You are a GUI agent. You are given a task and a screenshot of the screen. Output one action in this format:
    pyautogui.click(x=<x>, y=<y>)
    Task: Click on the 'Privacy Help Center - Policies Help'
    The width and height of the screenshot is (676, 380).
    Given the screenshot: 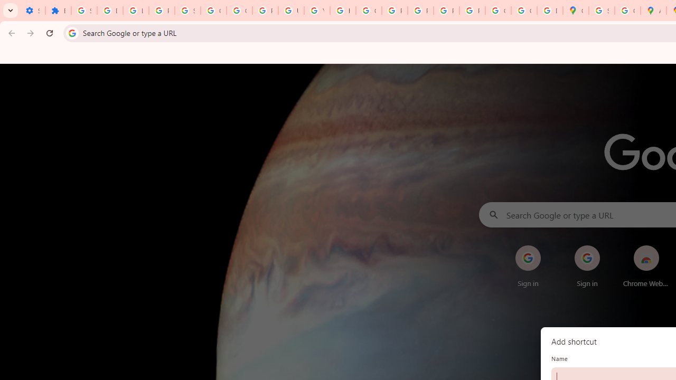 What is the action you would take?
    pyautogui.click(x=394, y=11)
    